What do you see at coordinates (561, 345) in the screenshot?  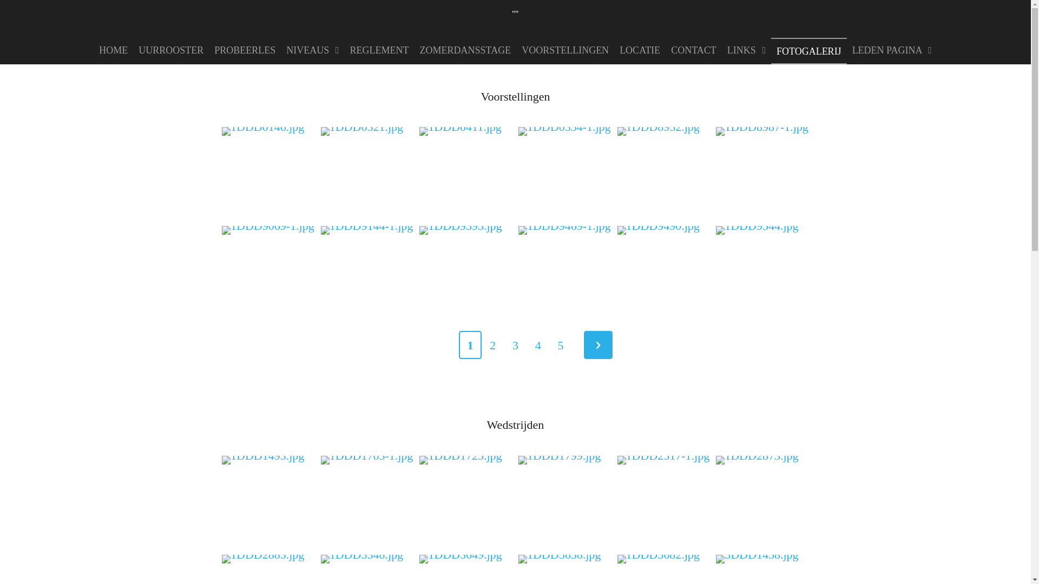 I see `'5'` at bounding box center [561, 345].